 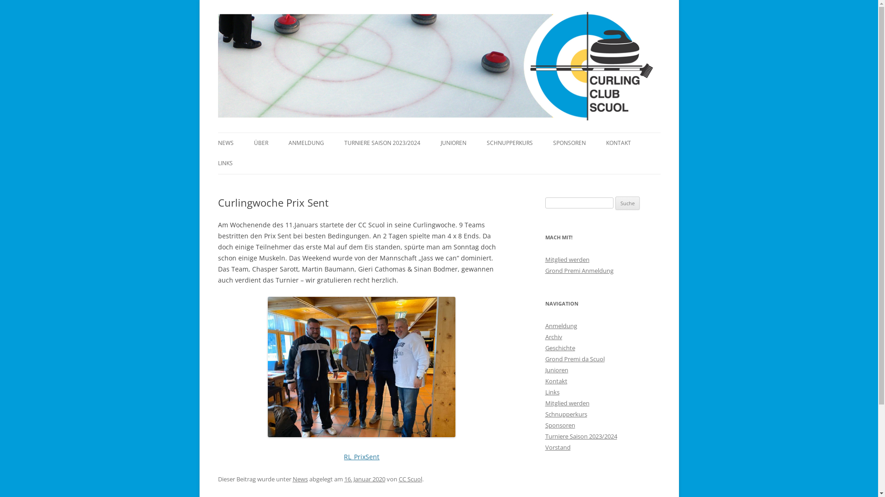 What do you see at coordinates (560, 325) in the screenshot?
I see `'Anmeldung'` at bounding box center [560, 325].